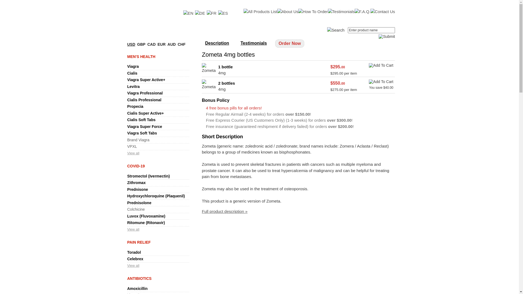 Image resolution: width=523 pixels, height=294 pixels. Describe the element at coordinates (146, 222) in the screenshot. I see `'Ritomune (Ritonavir)'` at that location.